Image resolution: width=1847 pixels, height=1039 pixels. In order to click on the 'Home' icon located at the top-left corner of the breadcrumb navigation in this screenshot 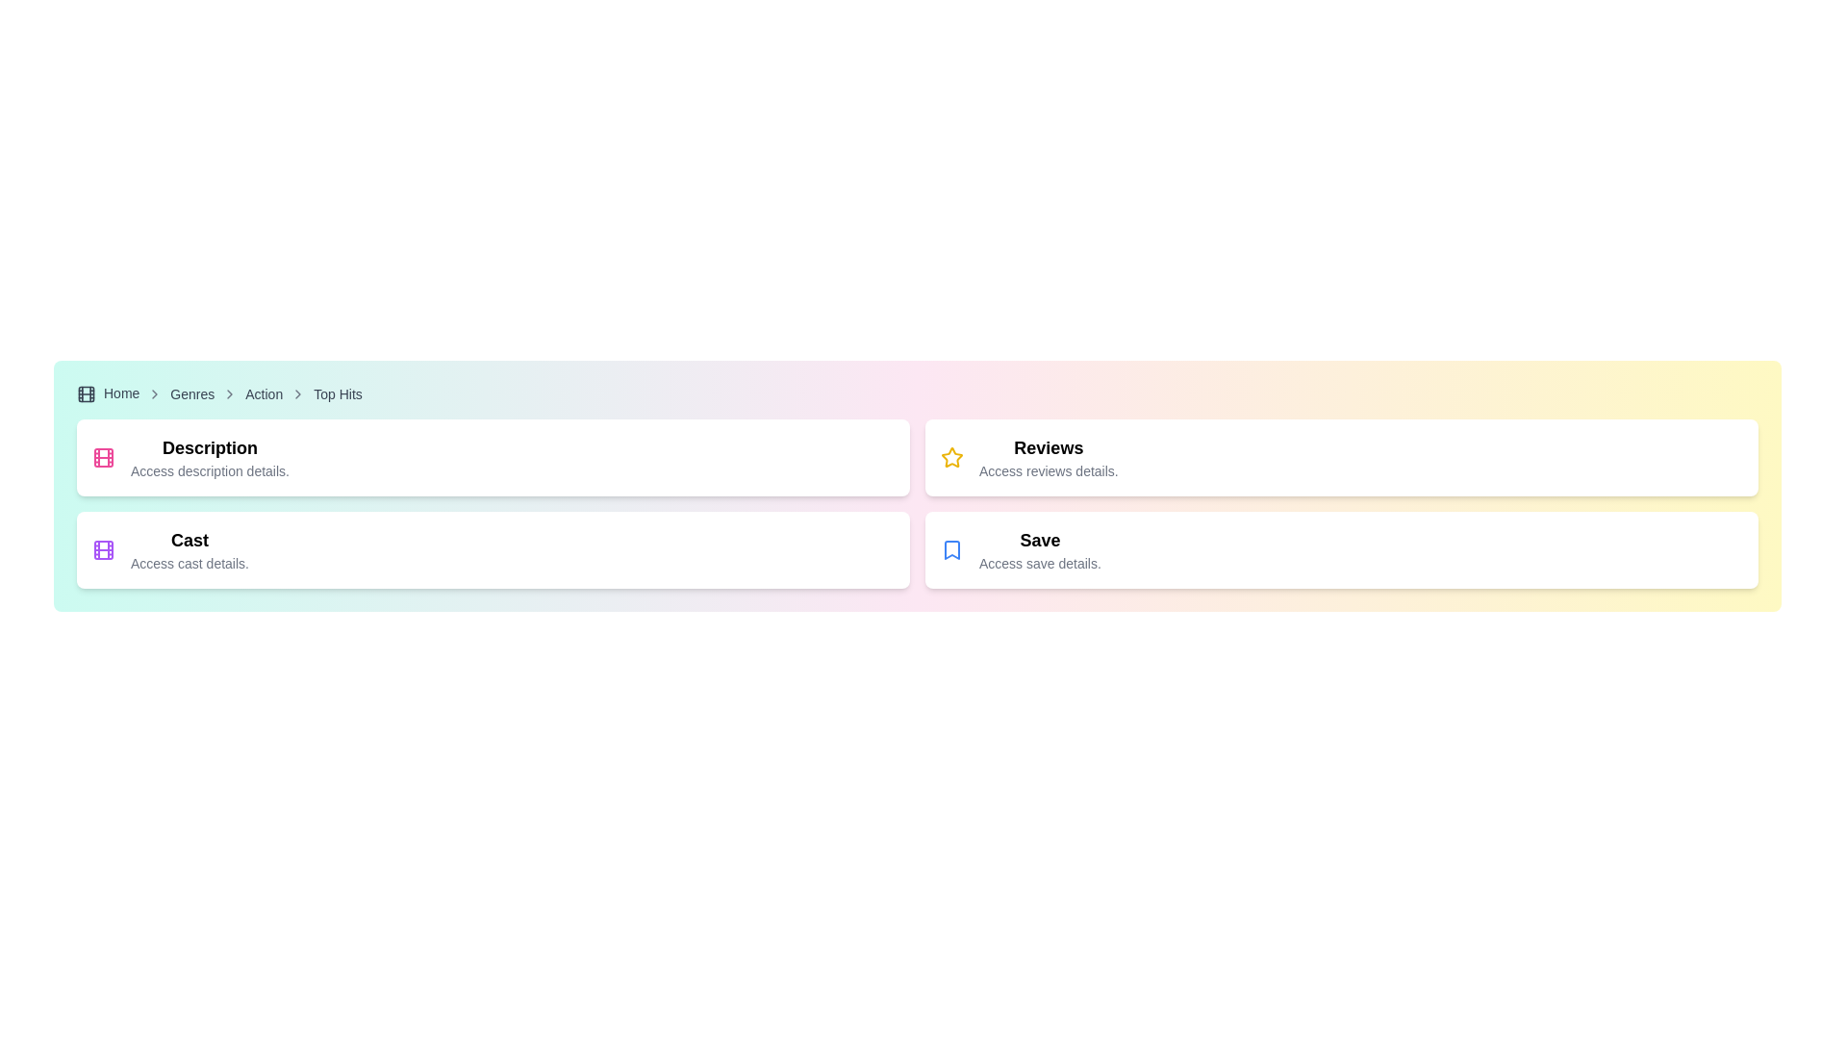, I will do `click(86, 393)`.